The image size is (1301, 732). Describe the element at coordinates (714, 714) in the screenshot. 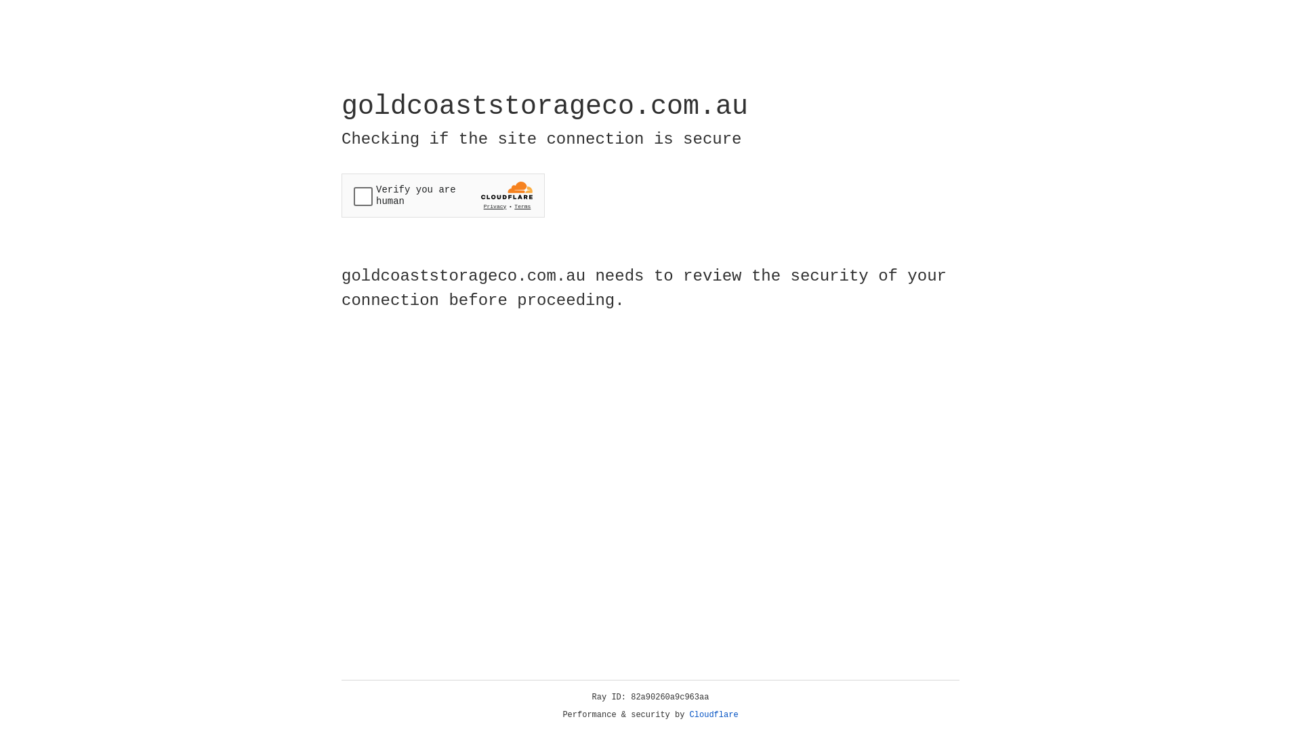

I see `'Cloudflare'` at that location.